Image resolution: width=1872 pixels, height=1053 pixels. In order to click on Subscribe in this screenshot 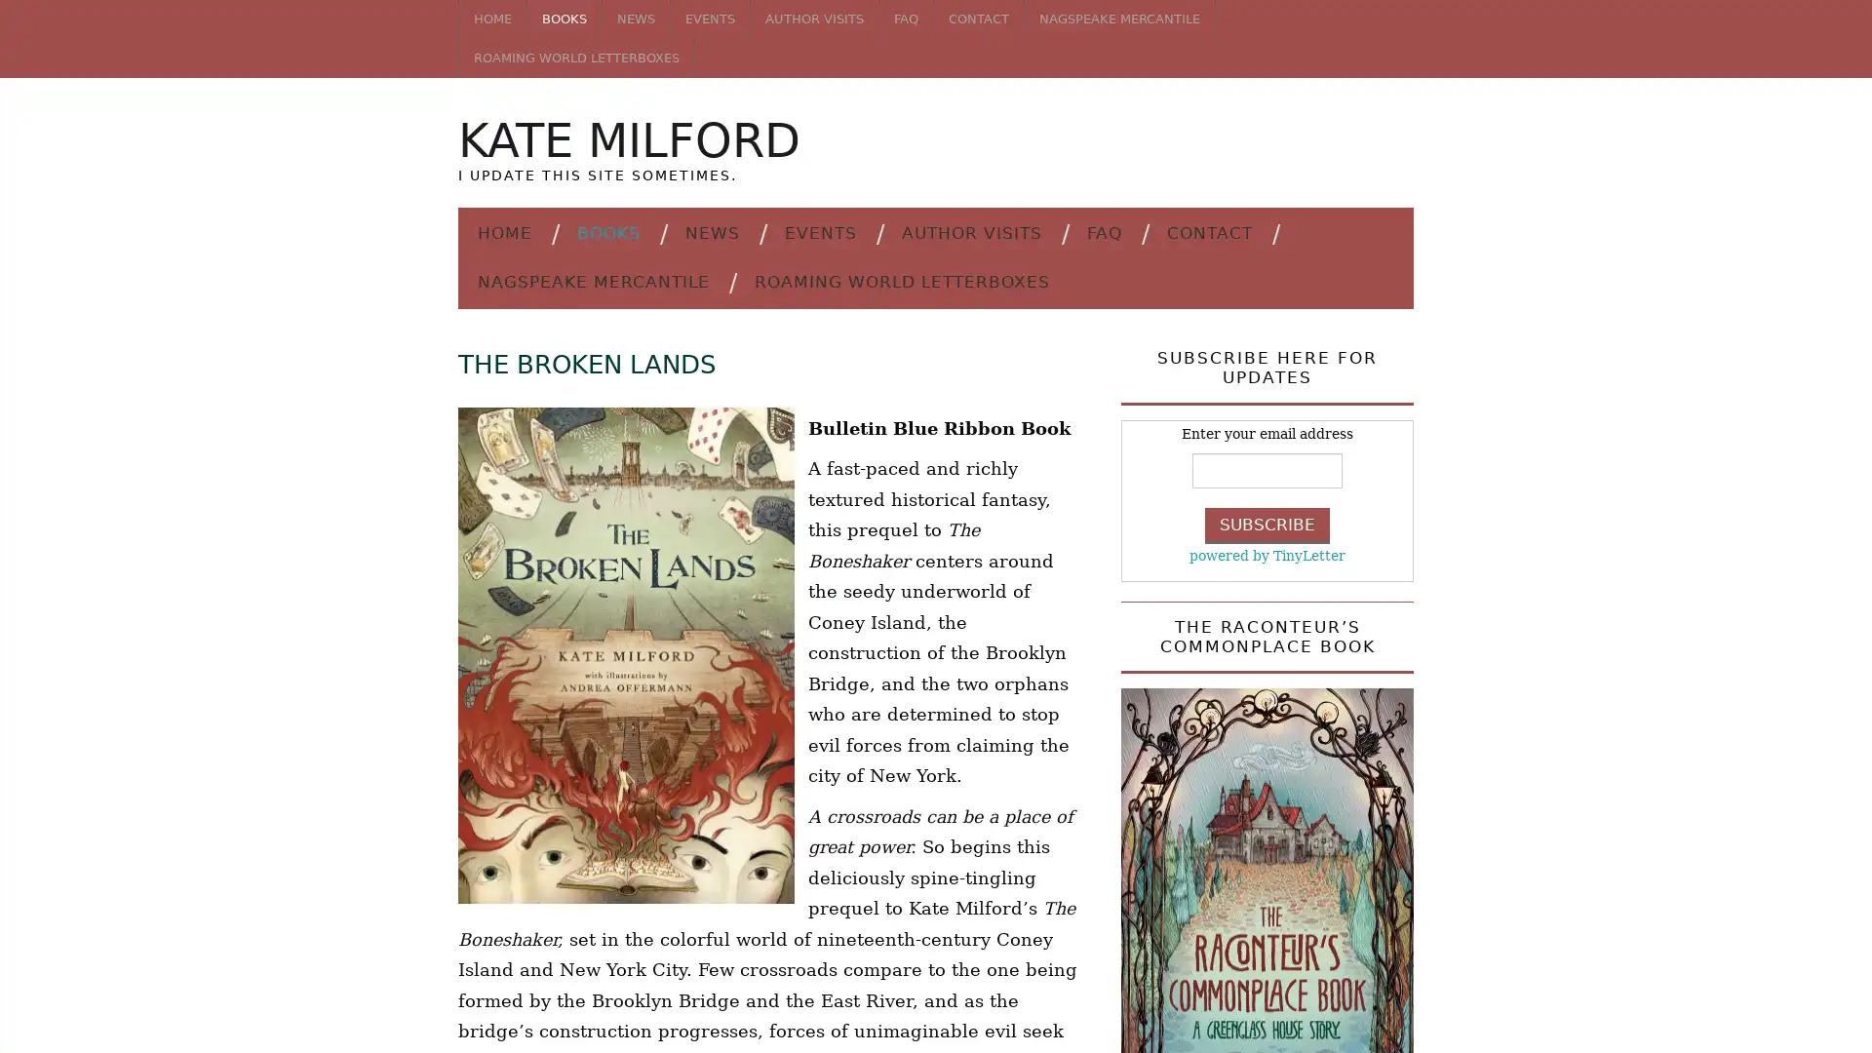, I will do `click(1267, 524)`.